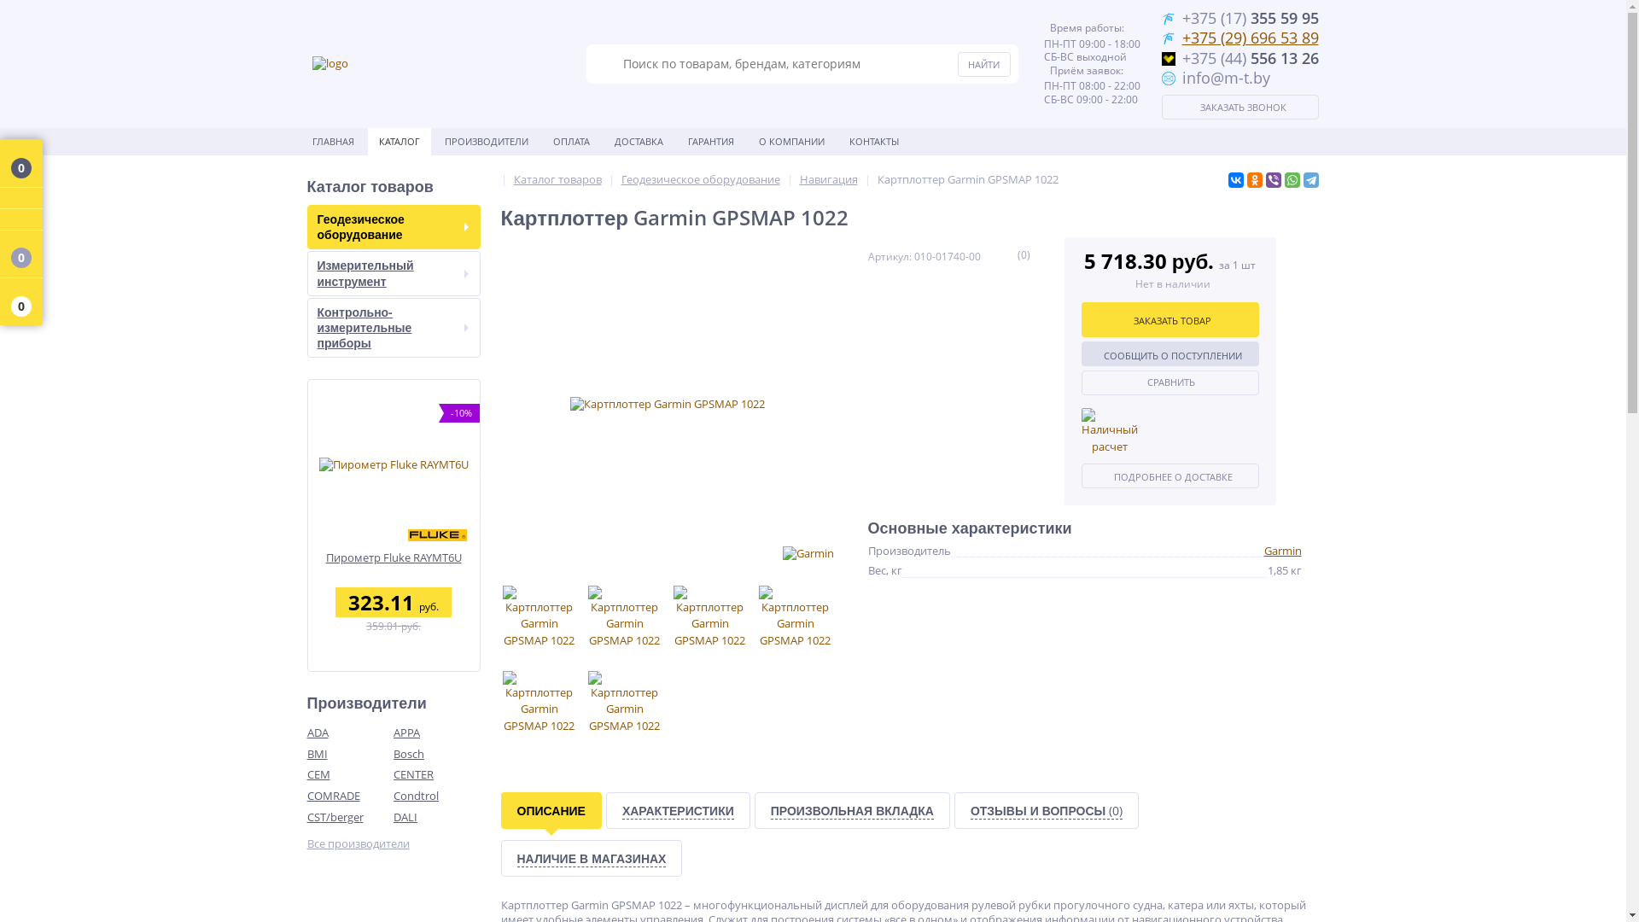 Image resolution: width=1639 pixels, height=922 pixels. Describe the element at coordinates (437, 732) in the screenshot. I see `'APPA'` at that location.